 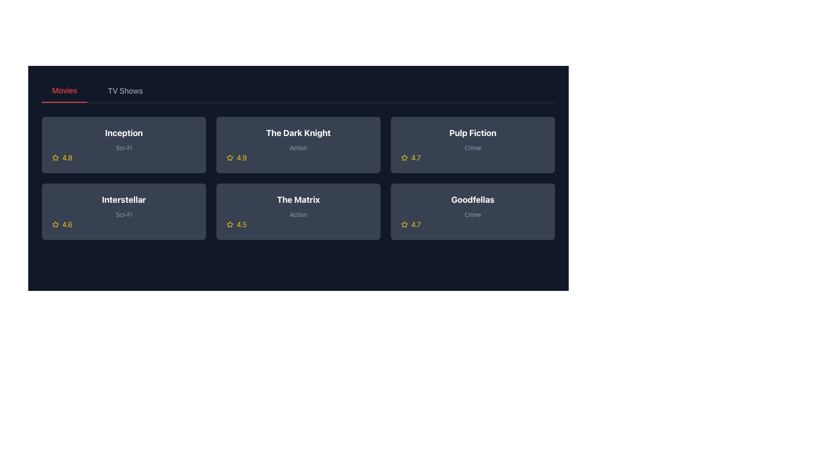 I want to click on the second button in the navigation bar, so click(x=125, y=91).